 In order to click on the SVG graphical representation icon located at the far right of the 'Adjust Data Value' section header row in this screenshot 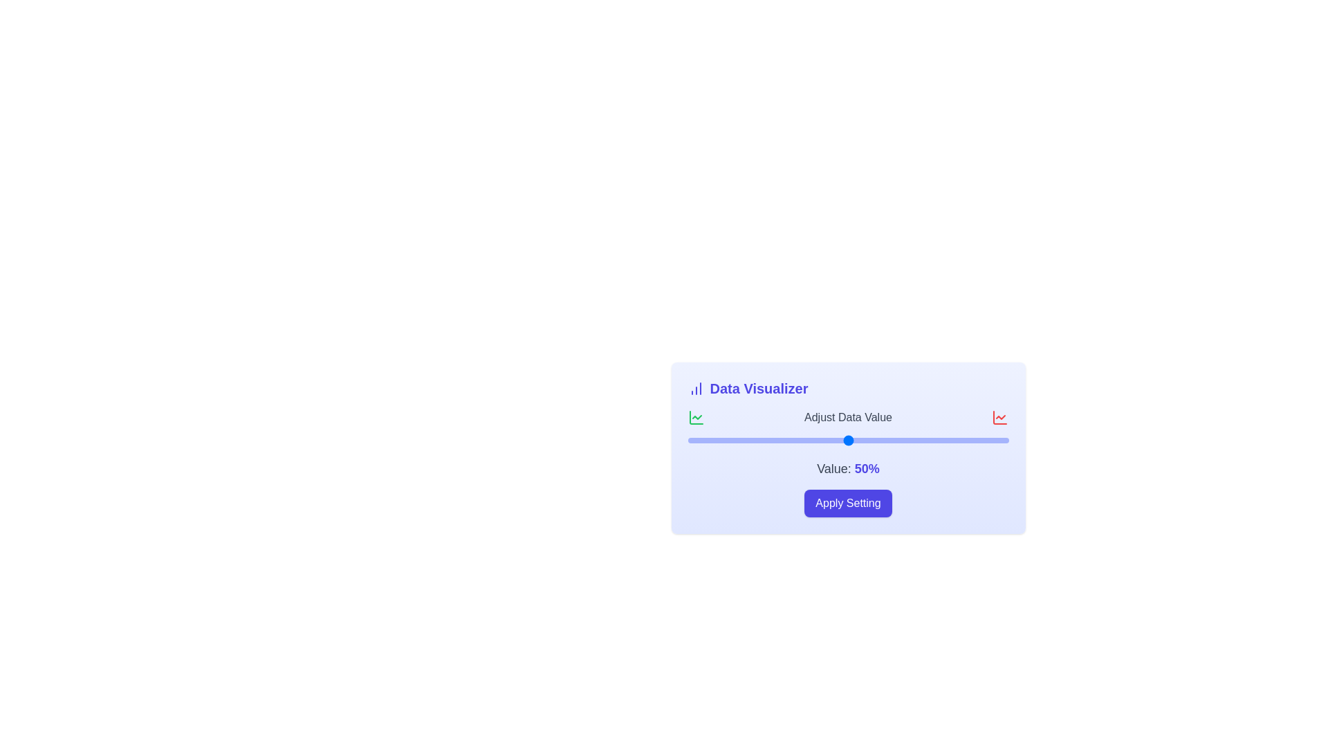, I will do `click(1000, 417)`.